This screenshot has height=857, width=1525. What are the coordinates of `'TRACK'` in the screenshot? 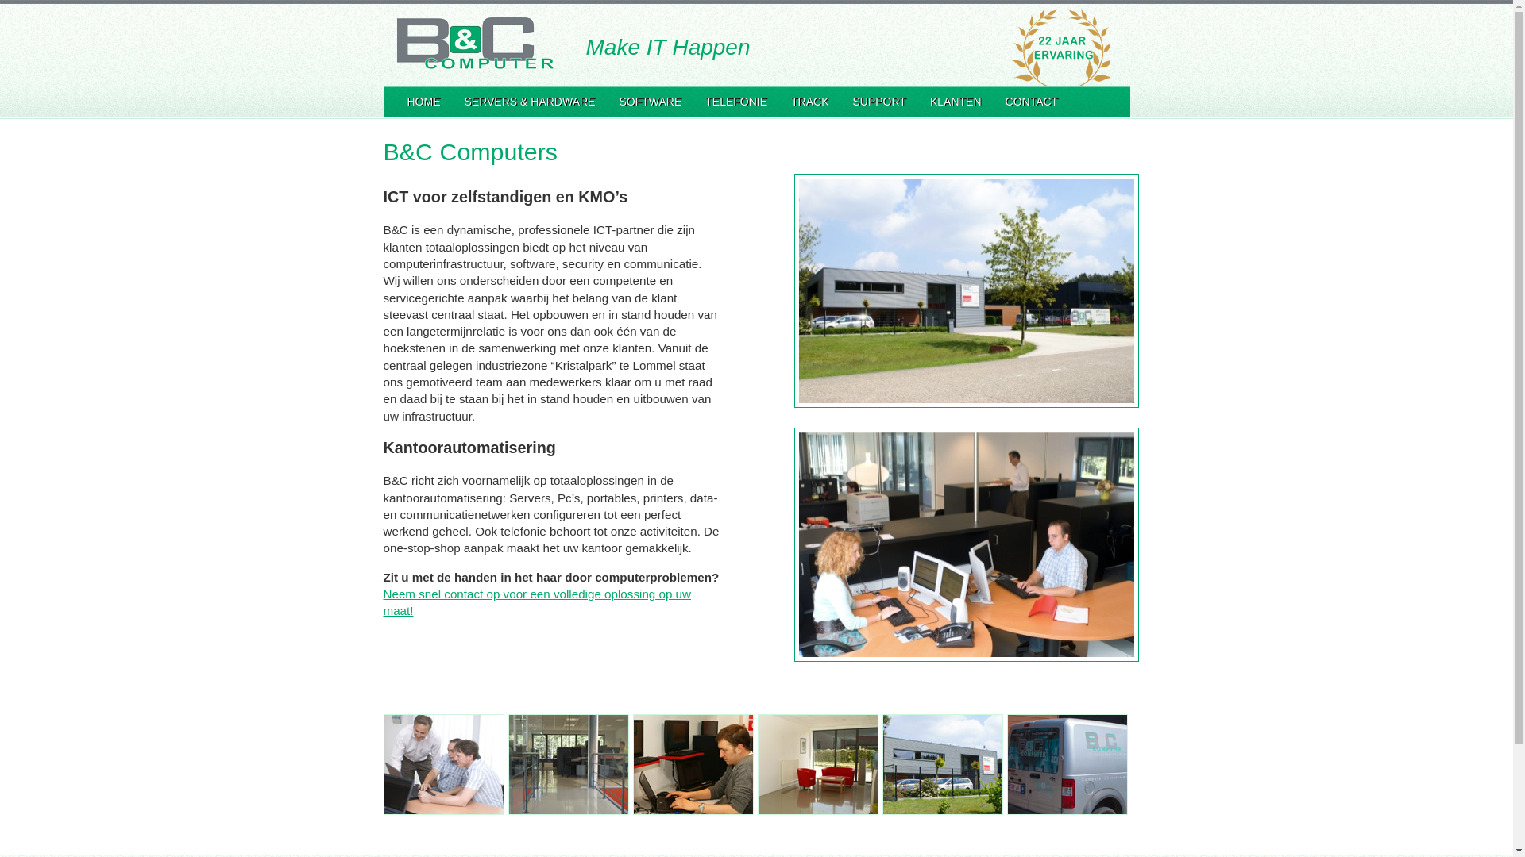 It's located at (809, 102).